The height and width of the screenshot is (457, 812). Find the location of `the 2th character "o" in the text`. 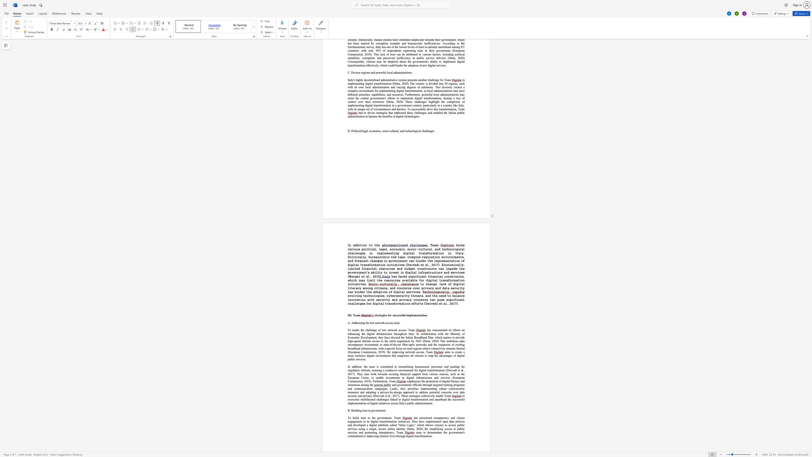

the 2th character "o" in the text is located at coordinates (350, 436).